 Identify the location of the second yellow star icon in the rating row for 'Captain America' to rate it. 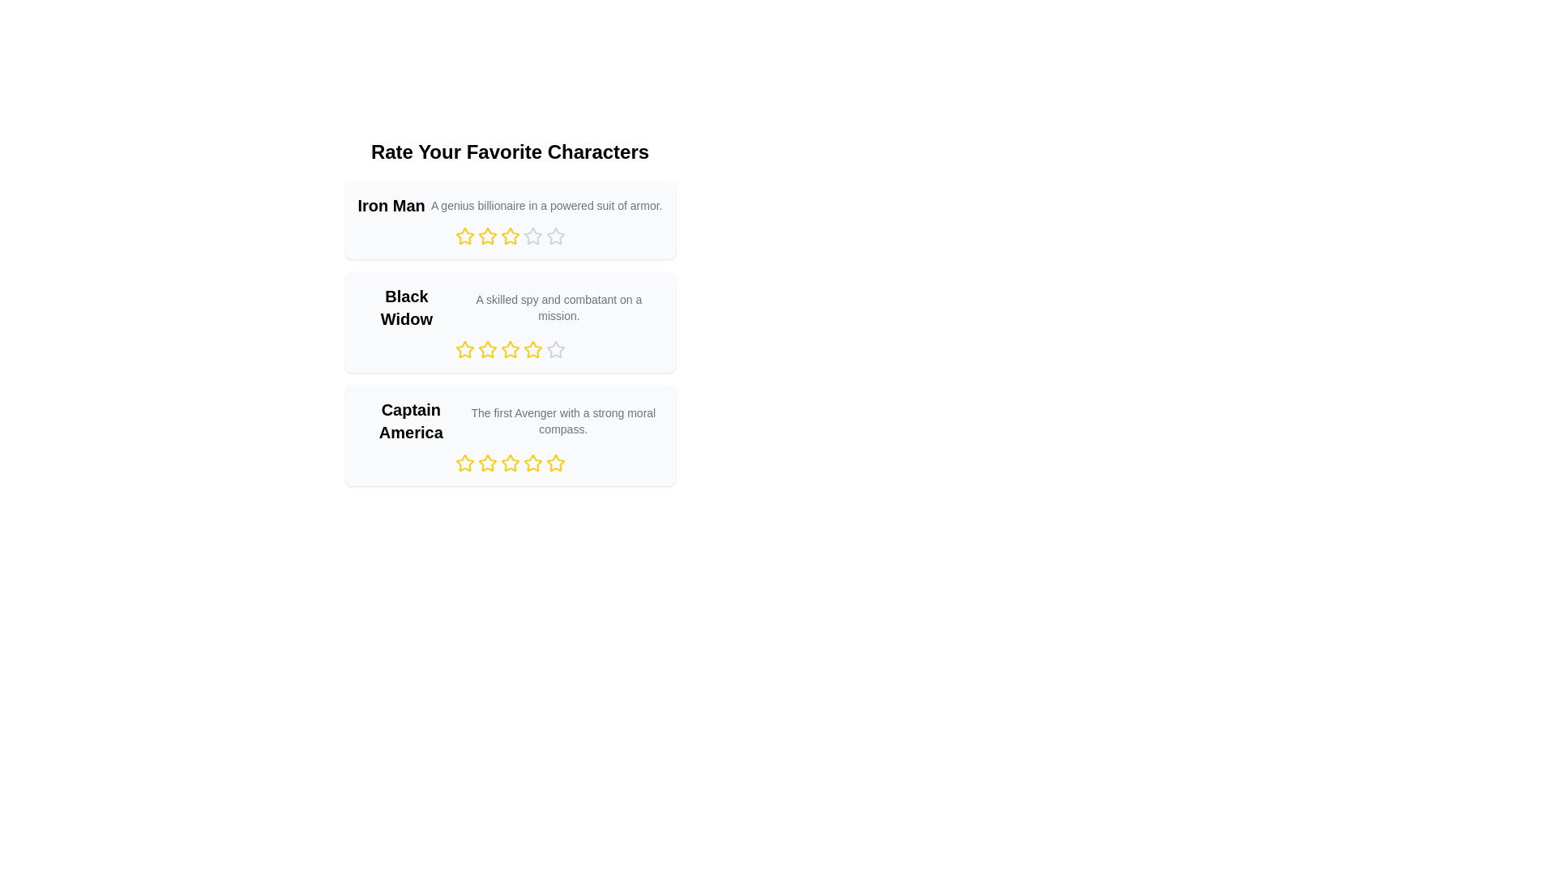
(464, 463).